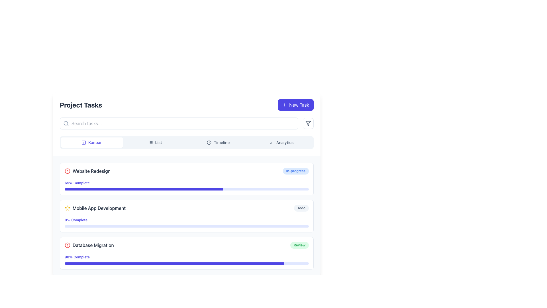 The width and height of the screenshot is (547, 308). What do you see at coordinates (308, 123) in the screenshot?
I see `the minimalistic outline icon shaped like an inverted triangle funnel located in the top-right toolbar` at bounding box center [308, 123].